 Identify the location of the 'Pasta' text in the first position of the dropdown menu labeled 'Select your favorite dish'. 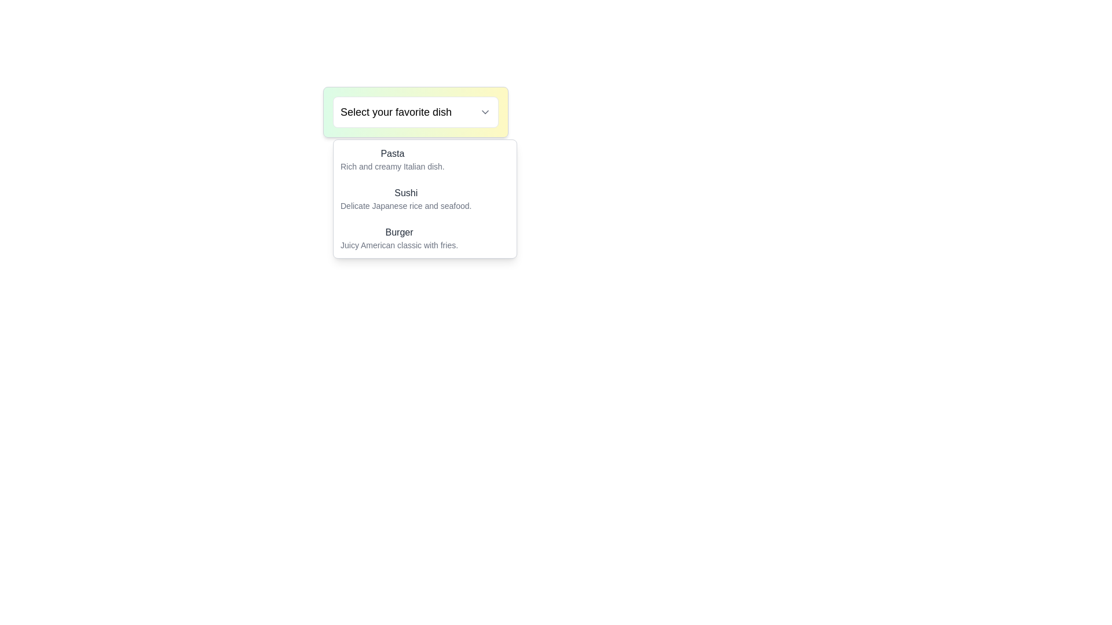
(392, 160).